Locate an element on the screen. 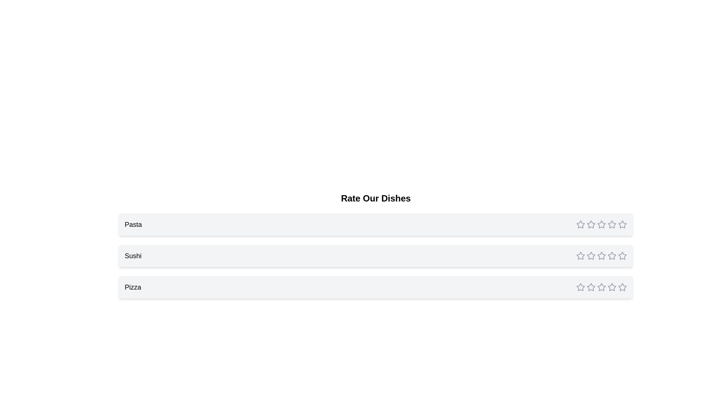 This screenshot has width=717, height=403. the Rating component element, which consists of five star icons for rating under the title 'Sushi', specifically located in the second row and oriented towards the right side is located at coordinates (602, 256).